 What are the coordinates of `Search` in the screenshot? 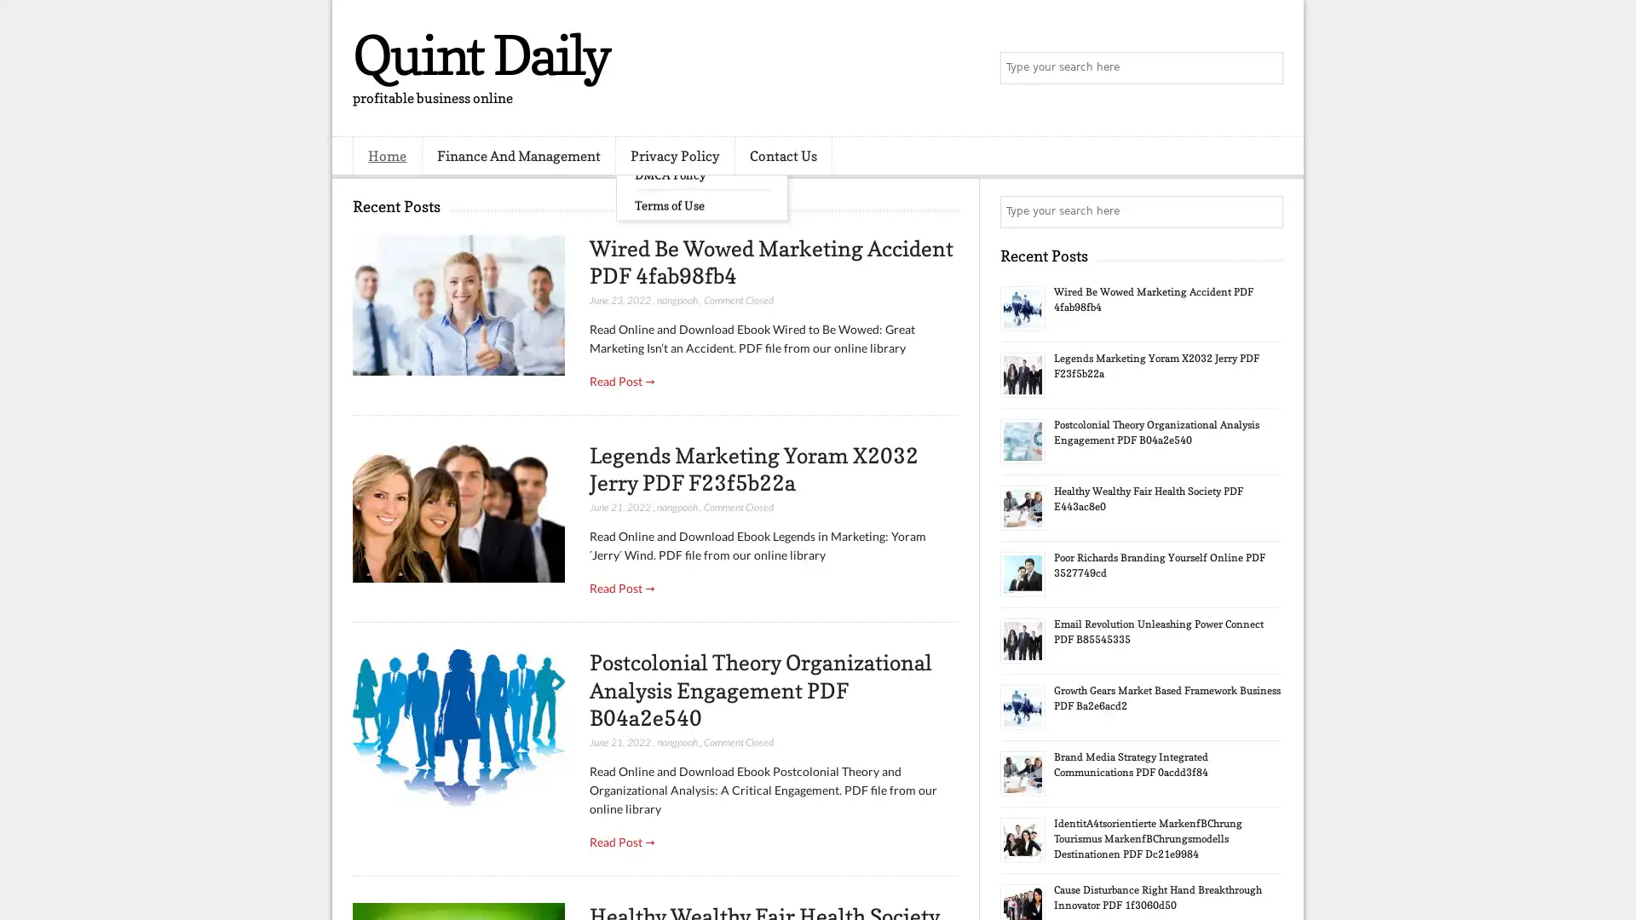 It's located at (1265, 68).